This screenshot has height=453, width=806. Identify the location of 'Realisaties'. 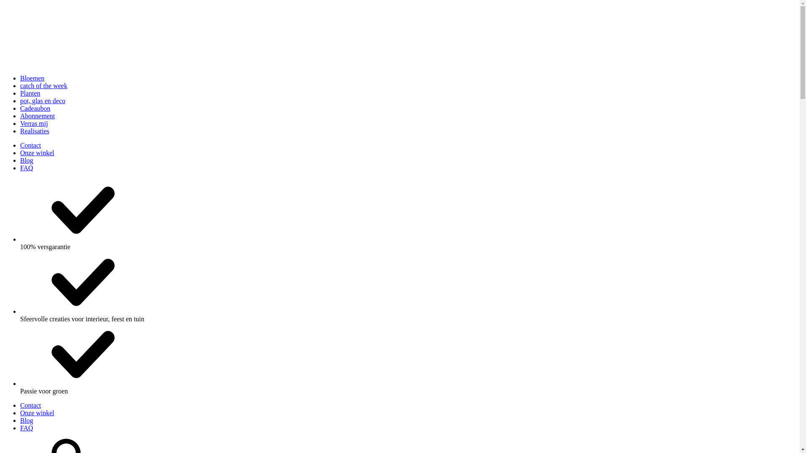
(34, 131).